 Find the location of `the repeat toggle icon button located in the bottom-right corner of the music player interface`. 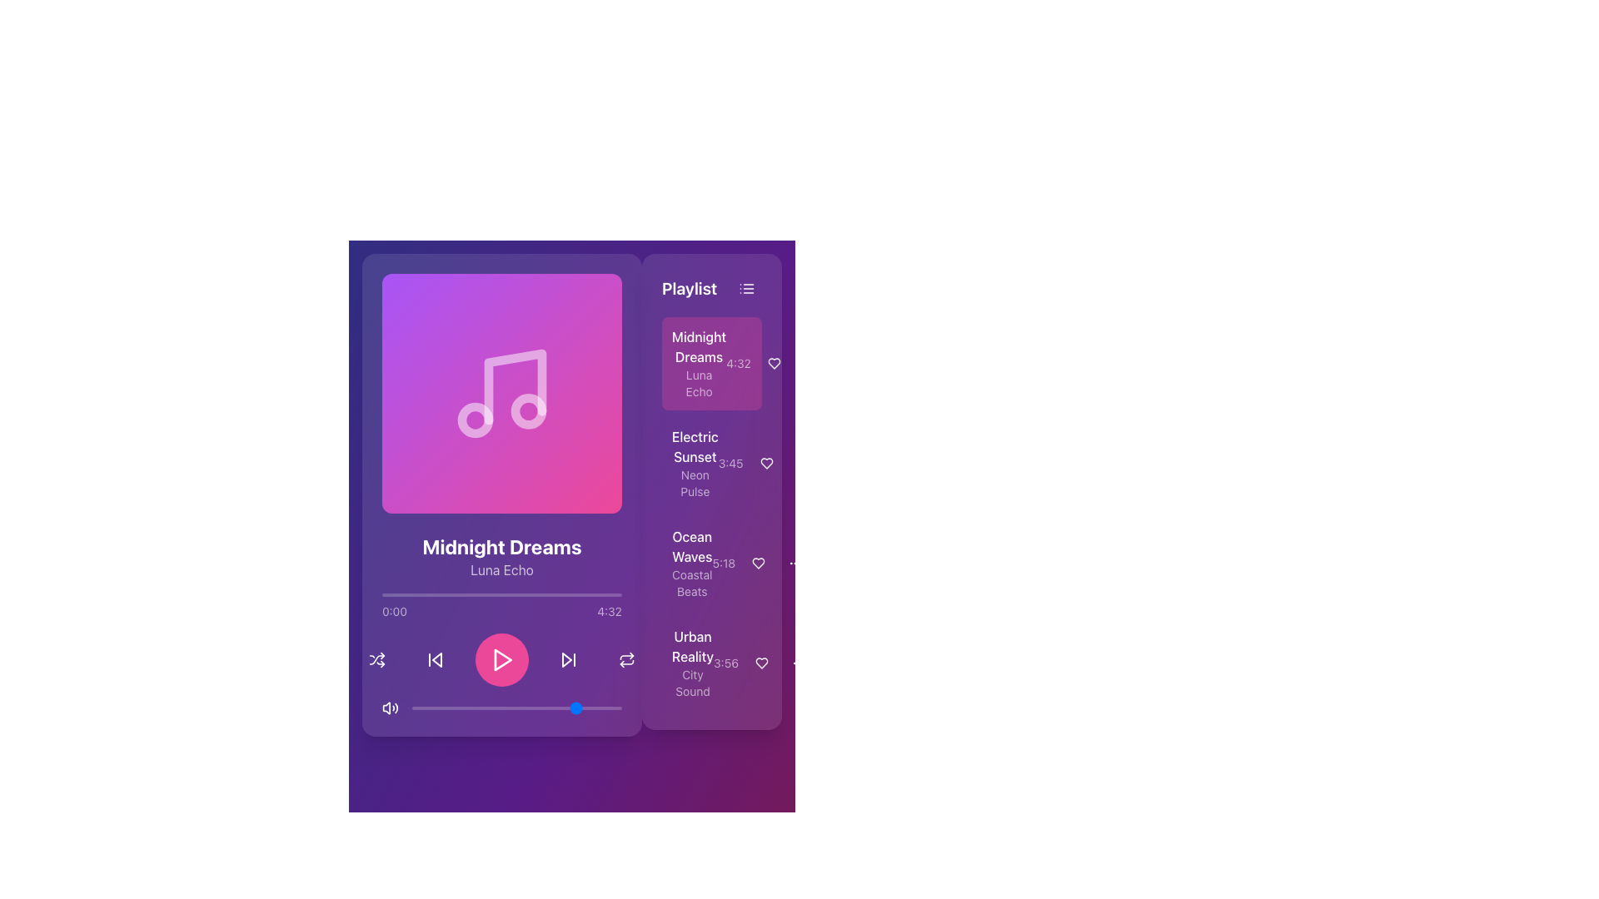

the repeat toggle icon button located in the bottom-right corner of the music player interface is located at coordinates (626, 659).